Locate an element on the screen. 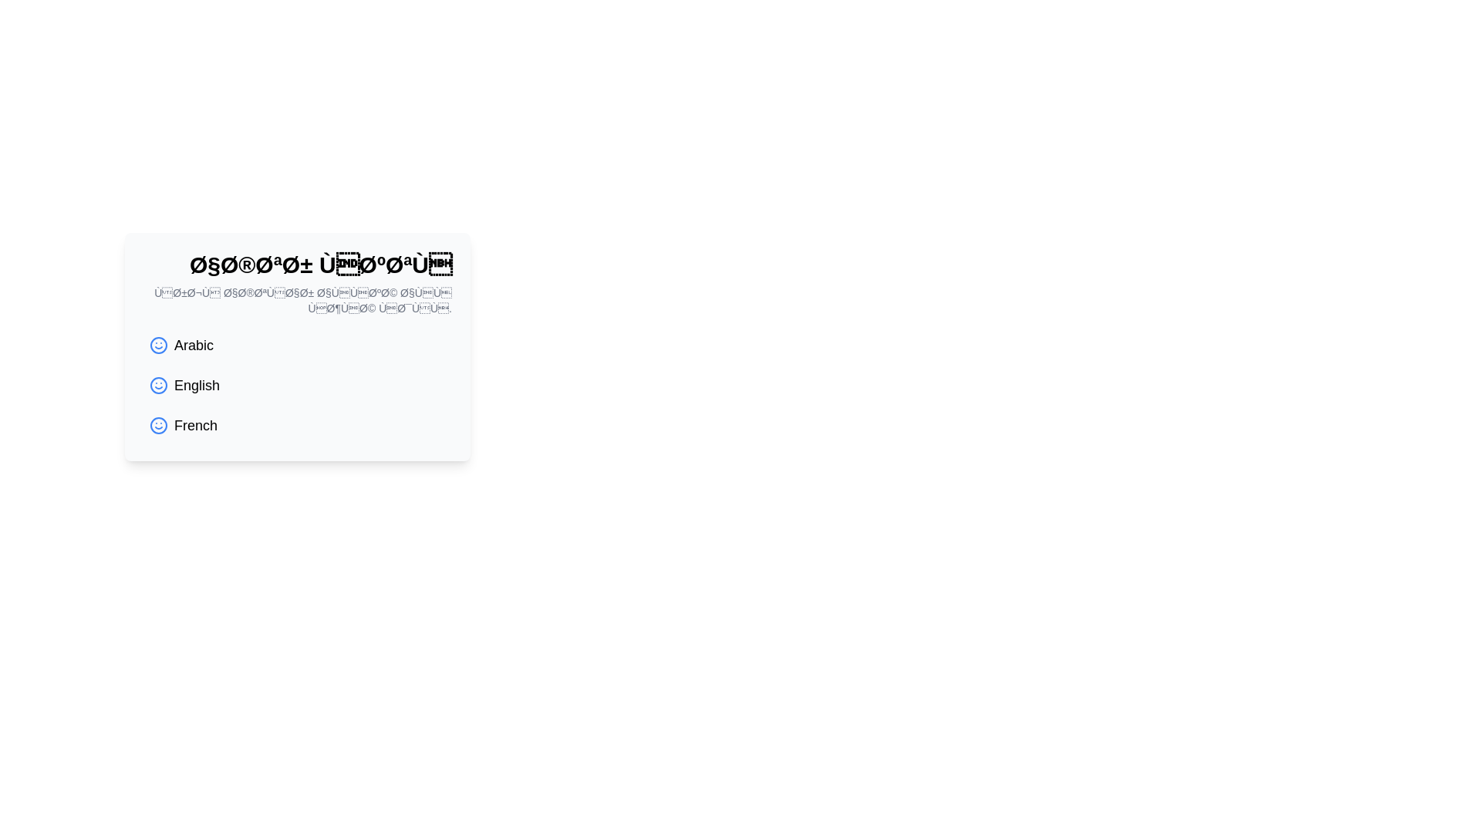  the text label reading 'English', which is the second option in a vertical list, positioned below 'Arabic' and above 'French', and aligned to the right of a blue smiley face icon is located at coordinates (196, 385).